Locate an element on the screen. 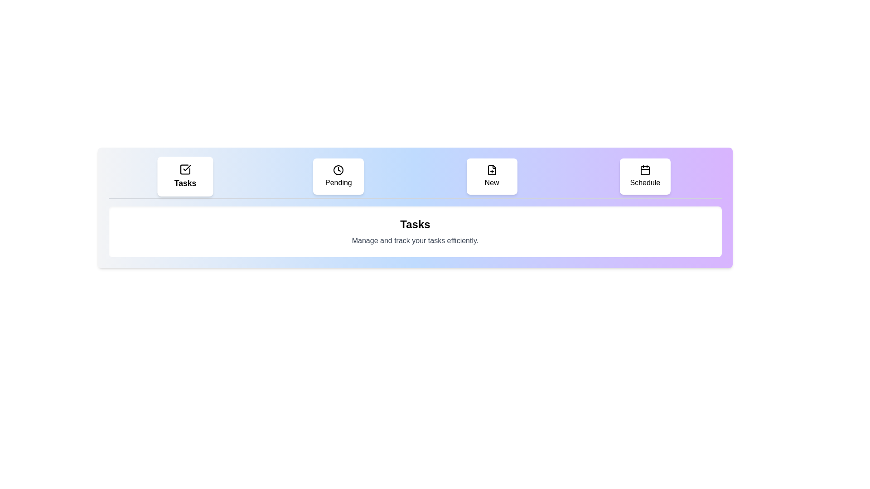  the tab labeled Schedule to observe its hover effect is located at coordinates (644, 176).